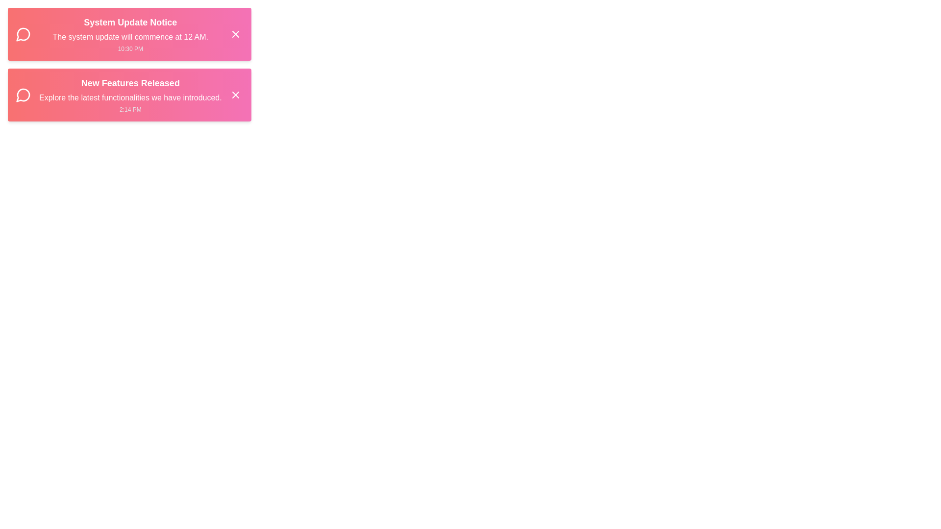 This screenshot has height=529, width=941. I want to click on the timestamp of the alert with the title New Features Released, so click(129, 109).